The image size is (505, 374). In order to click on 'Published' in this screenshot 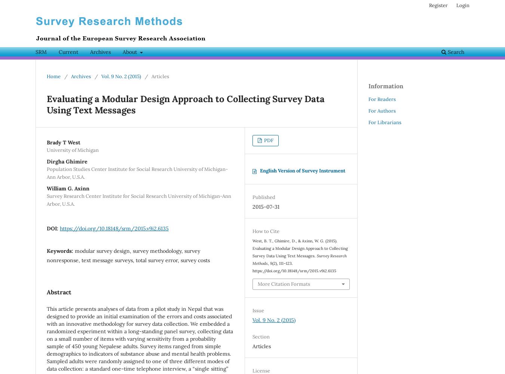, I will do `click(252, 197)`.